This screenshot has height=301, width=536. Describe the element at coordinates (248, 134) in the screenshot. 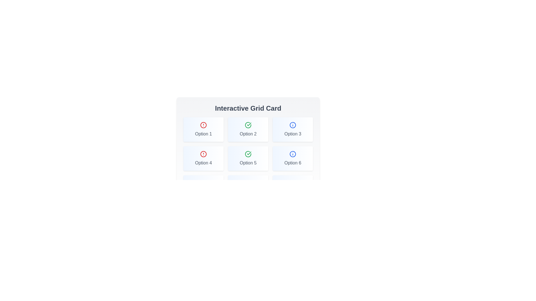

I see `the text label located in the second card of a 3x2 grid layout, positioned below a check mark icon` at that location.